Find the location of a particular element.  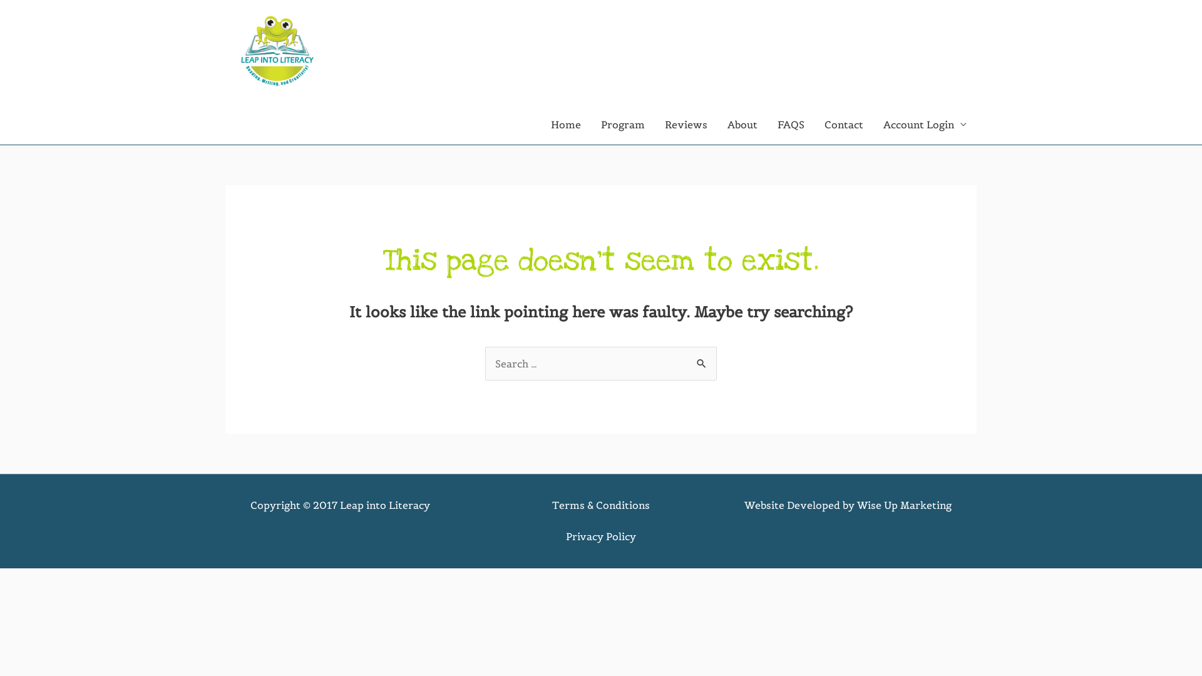

'Search' is located at coordinates (687, 359).